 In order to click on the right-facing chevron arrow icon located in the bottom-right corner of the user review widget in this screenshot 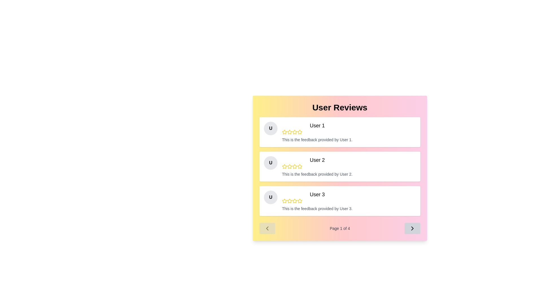, I will do `click(412, 228)`.